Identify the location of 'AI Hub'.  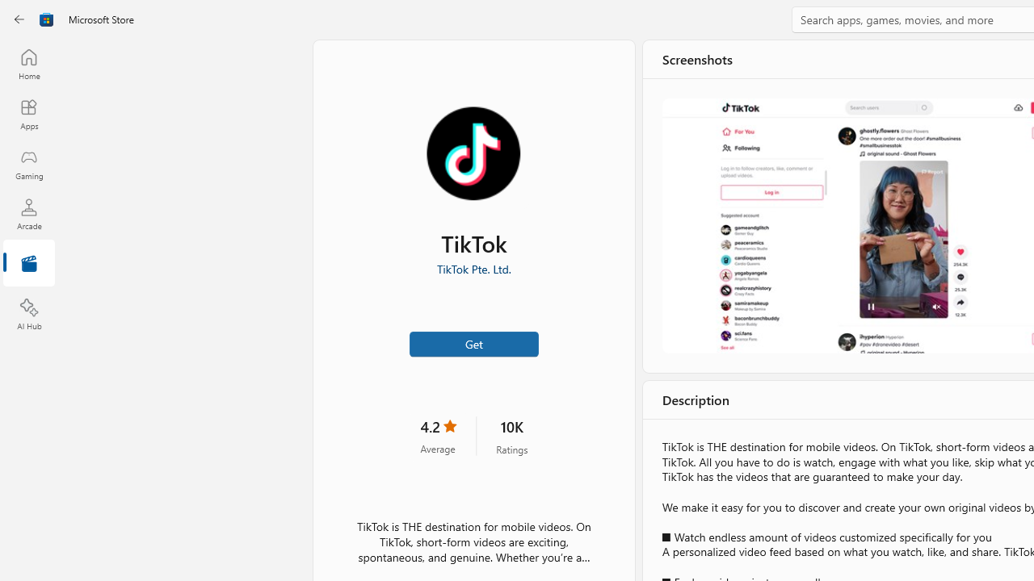
(28, 315).